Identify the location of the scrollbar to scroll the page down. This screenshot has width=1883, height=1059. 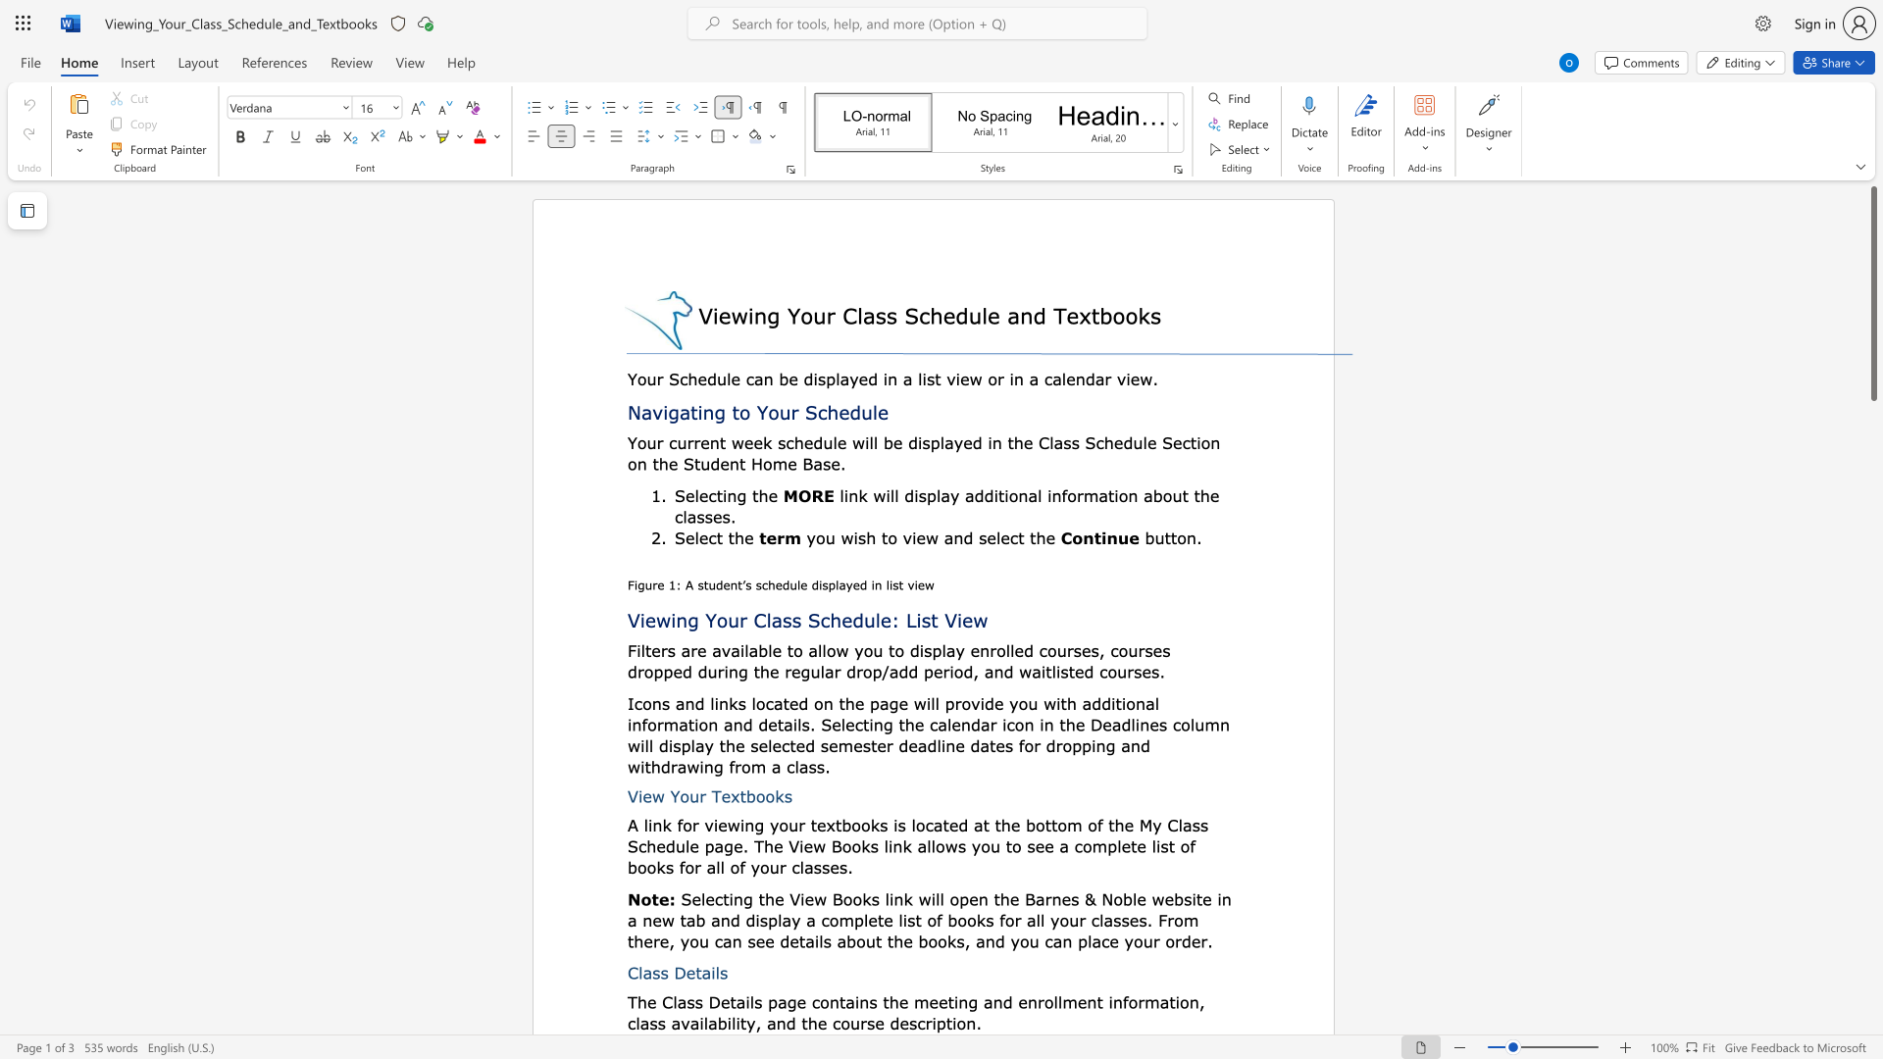
(1872, 420).